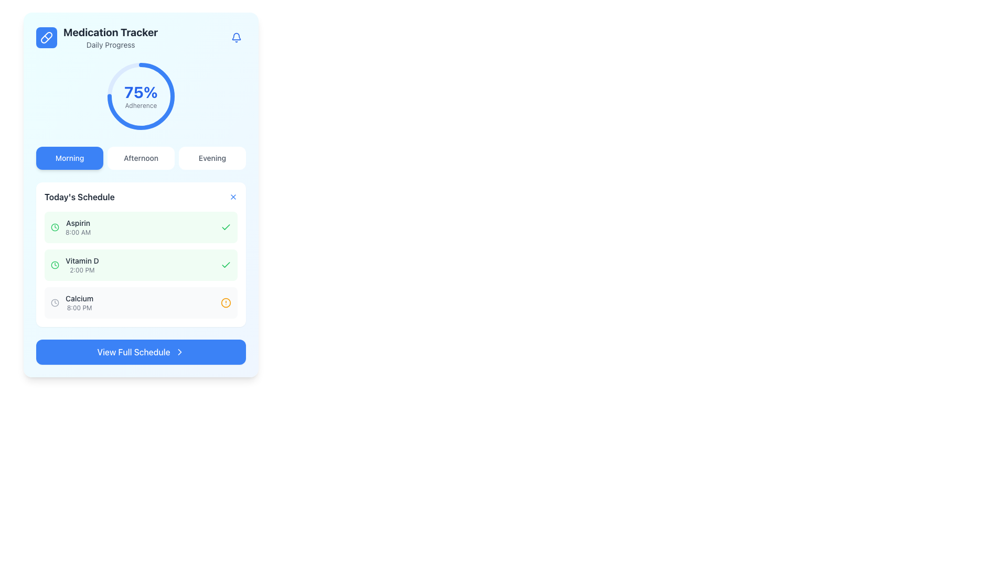 This screenshot has width=1007, height=566. What do you see at coordinates (236, 36) in the screenshot?
I see `the blue outlined bell icon located in the top-right corner near the 'Medication Tracker' section to use it as a reference for notifications` at bounding box center [236, 36].